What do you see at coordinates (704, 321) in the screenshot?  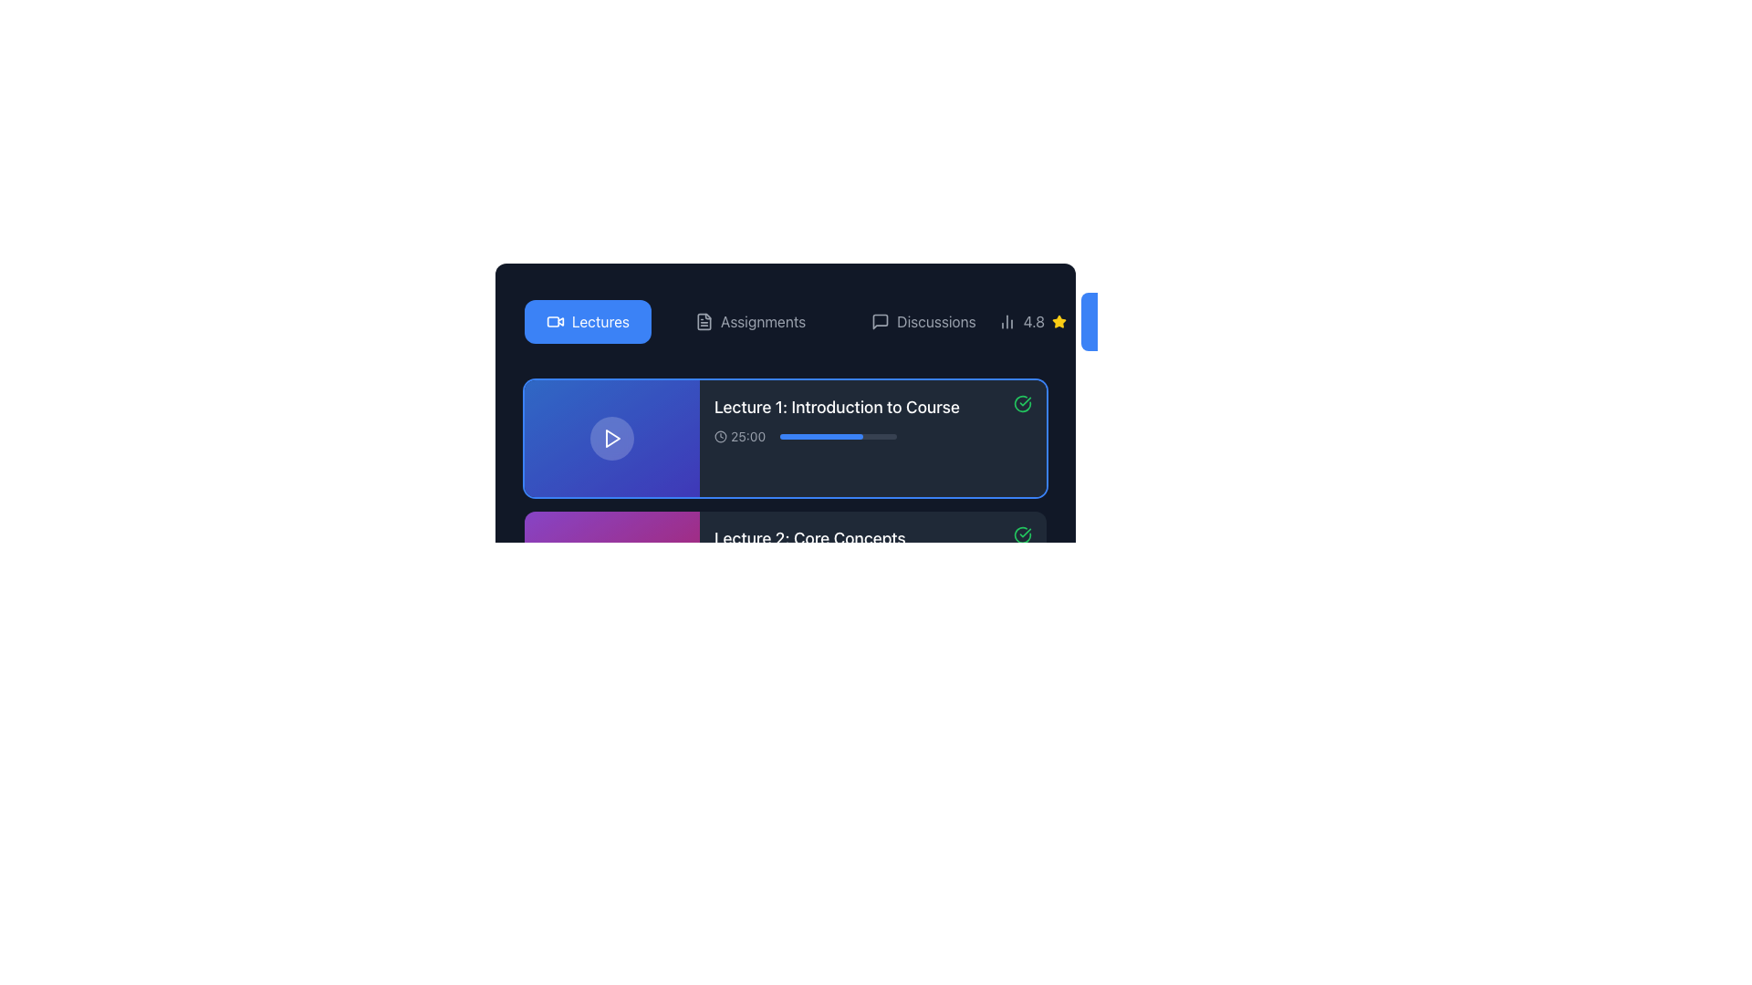 I see `the document icon located to the left of the 'Assignments' label in the top navigation bar` at bounding box center [704, 321].